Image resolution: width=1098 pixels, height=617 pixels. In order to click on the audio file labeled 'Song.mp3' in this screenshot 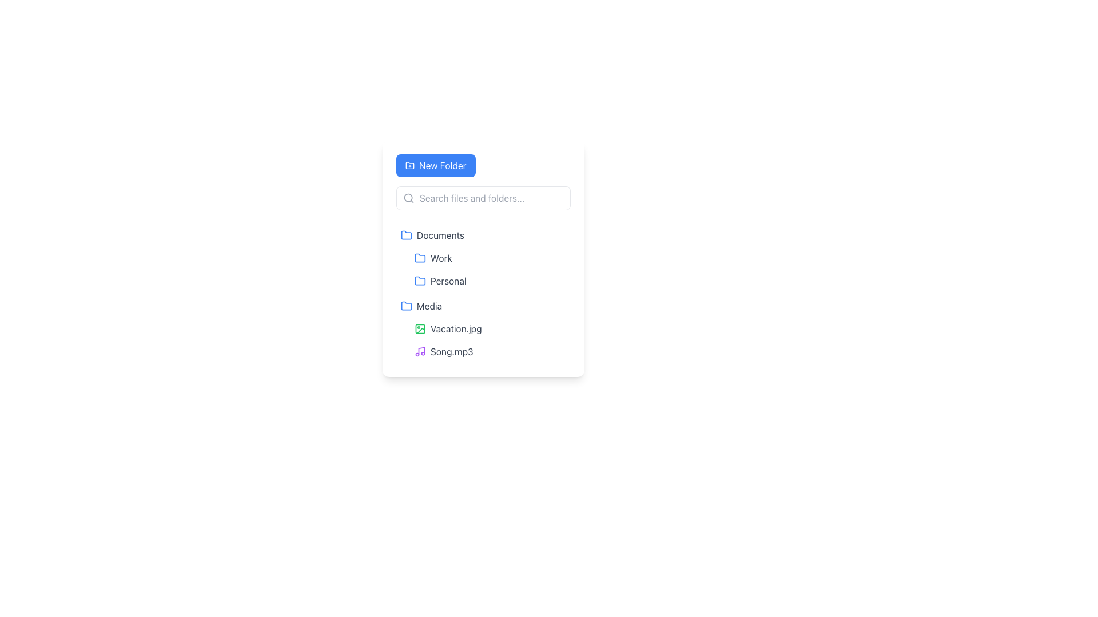, I will do `click(483, 351)`.